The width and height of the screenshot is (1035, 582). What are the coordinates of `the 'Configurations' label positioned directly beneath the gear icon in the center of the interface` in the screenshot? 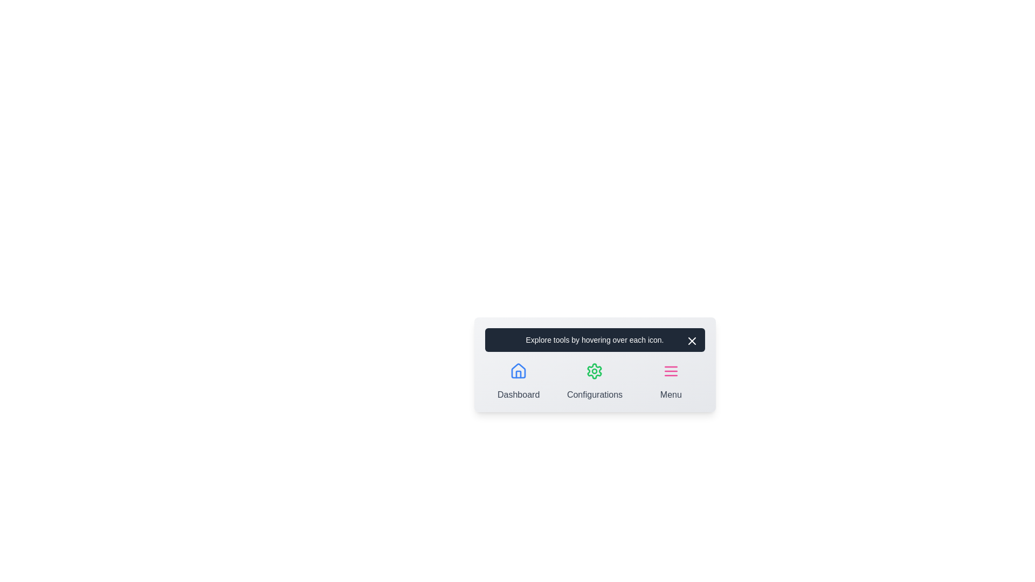 It's located at (594, 394).